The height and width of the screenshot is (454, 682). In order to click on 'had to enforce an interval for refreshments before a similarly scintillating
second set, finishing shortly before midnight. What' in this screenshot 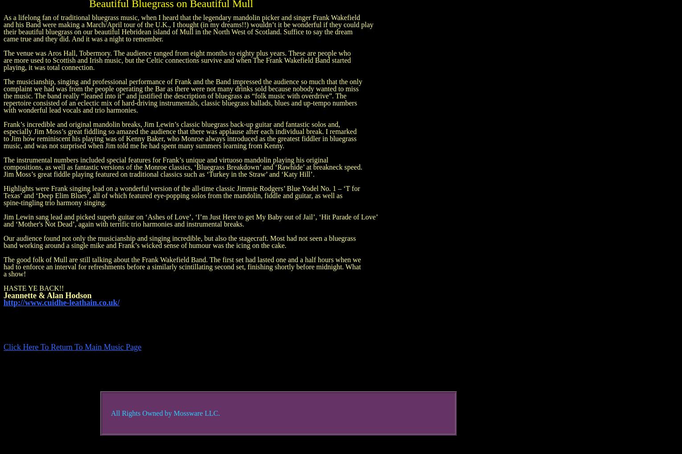, I will do `click(3, 266)`.